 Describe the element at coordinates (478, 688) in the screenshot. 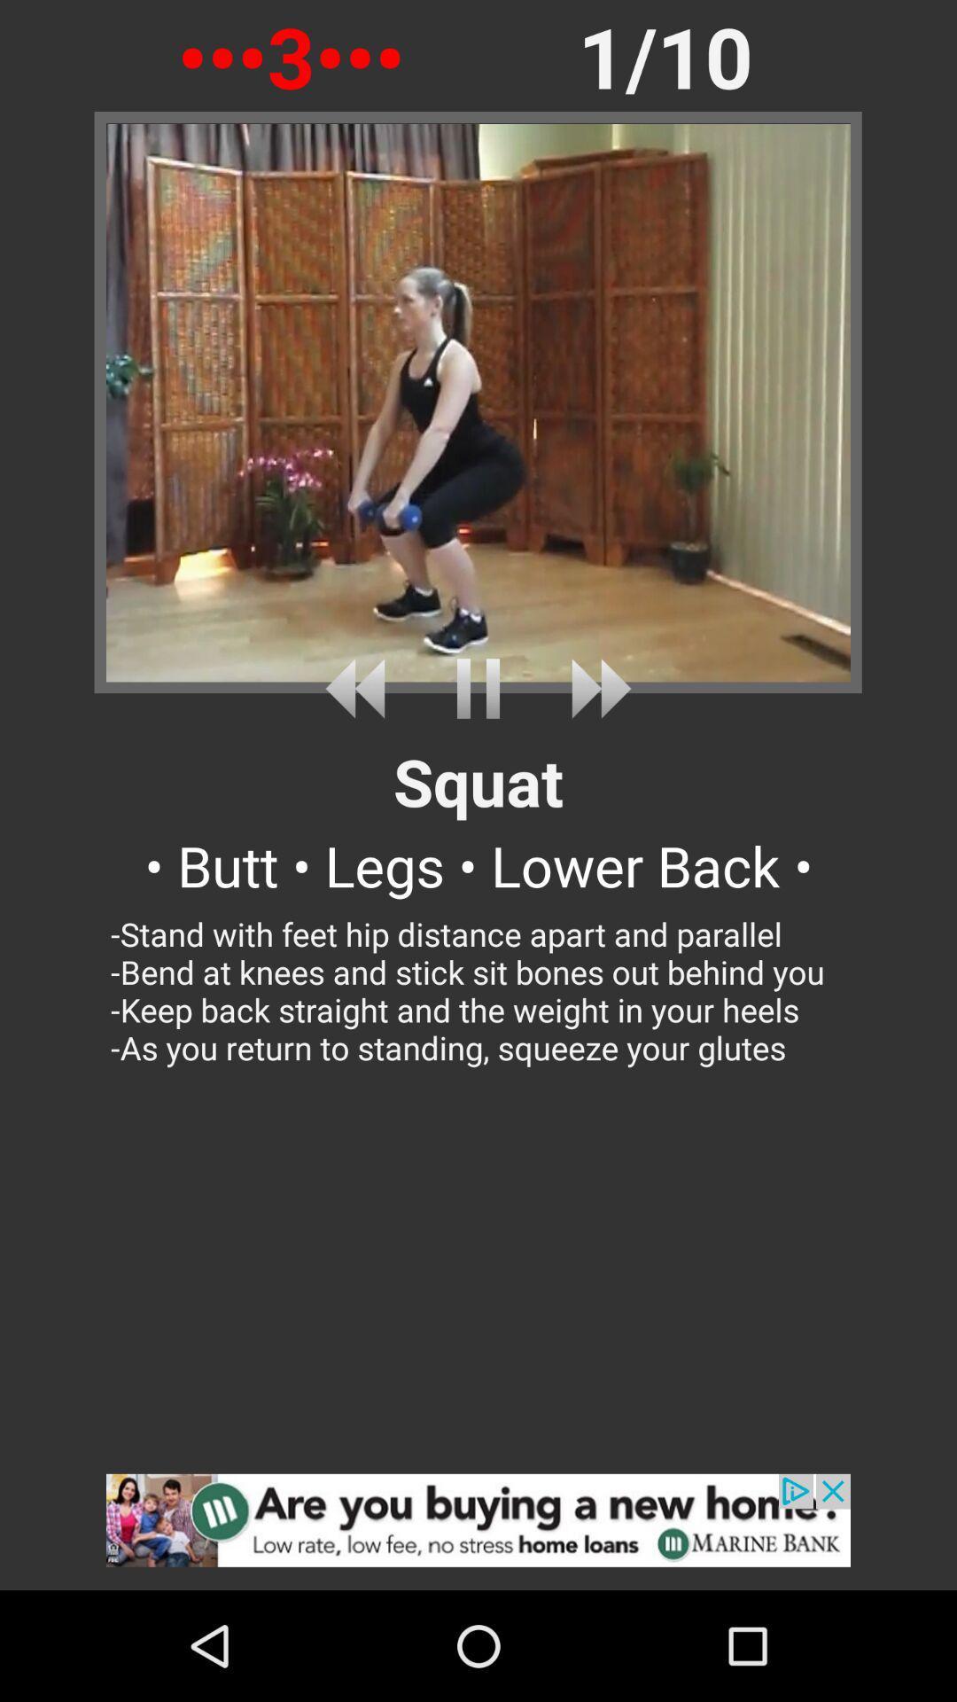

I see `pause video` at that location.